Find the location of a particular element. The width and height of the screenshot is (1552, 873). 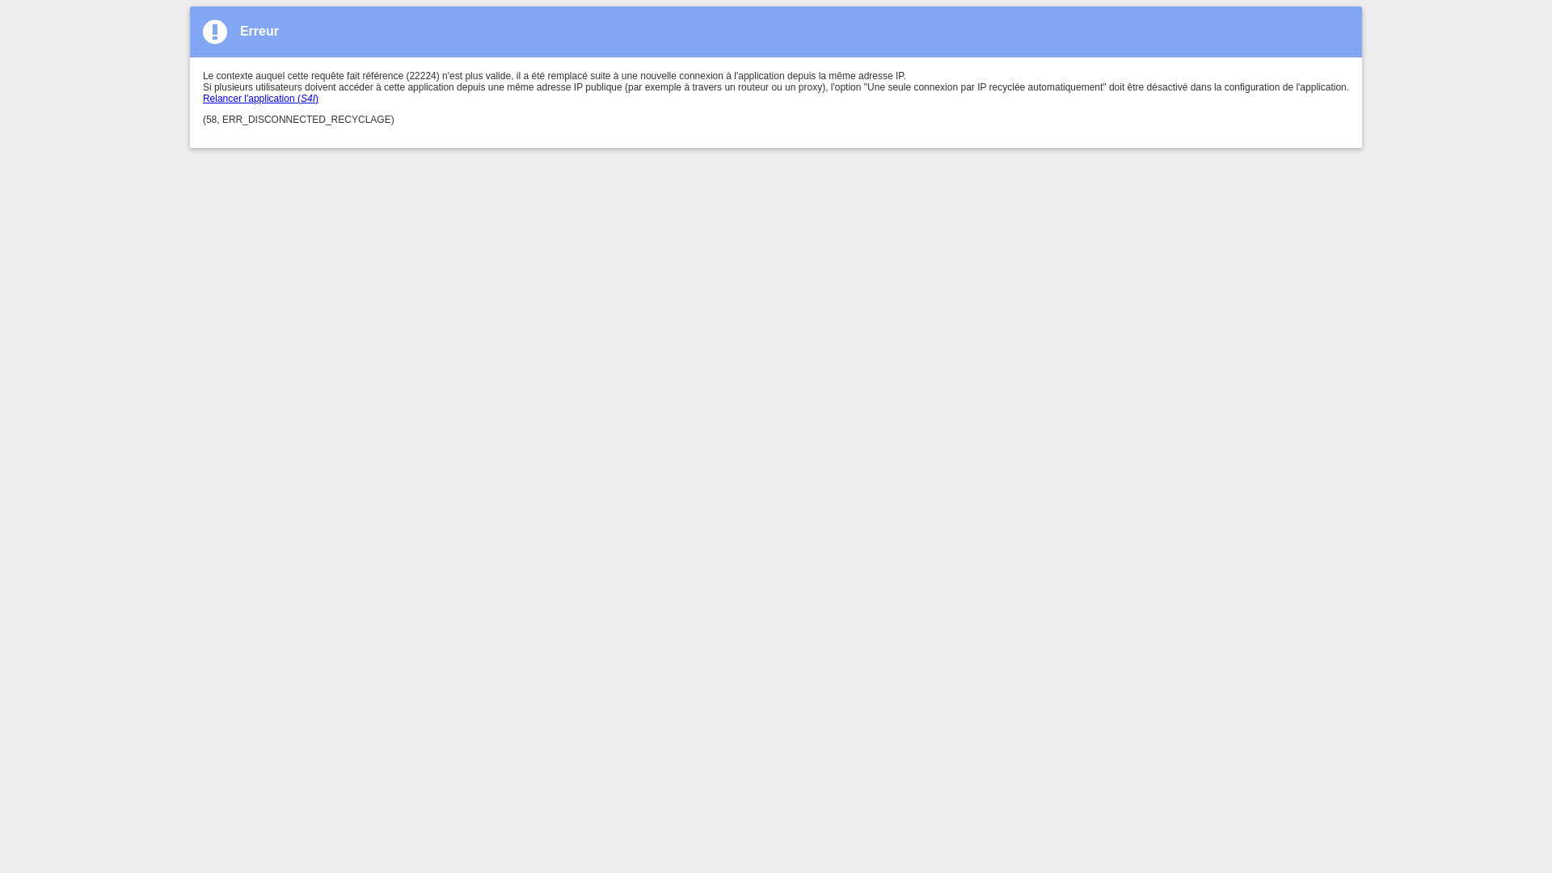

'Relancer l'application (S4I)' is located at coordinates (260, 99).